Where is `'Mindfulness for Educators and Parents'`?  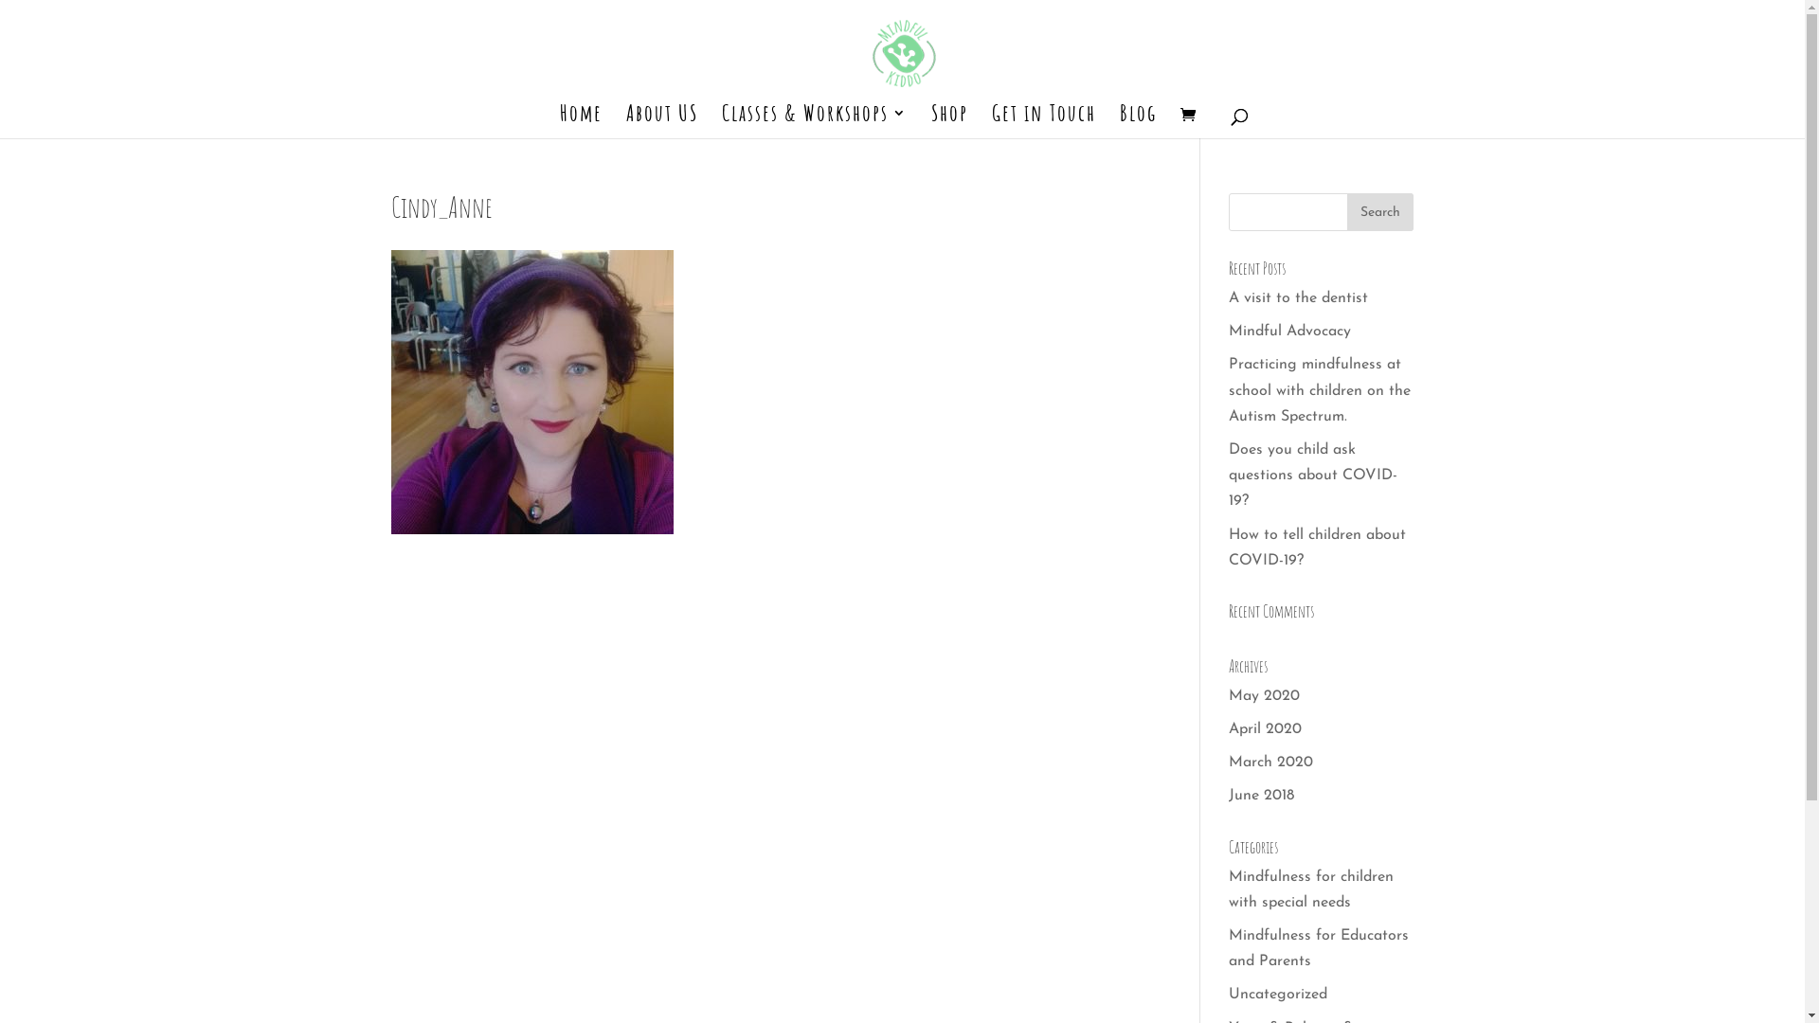 'Mindfulness for Educators and Parents' is located at coordinates (1318, 948).